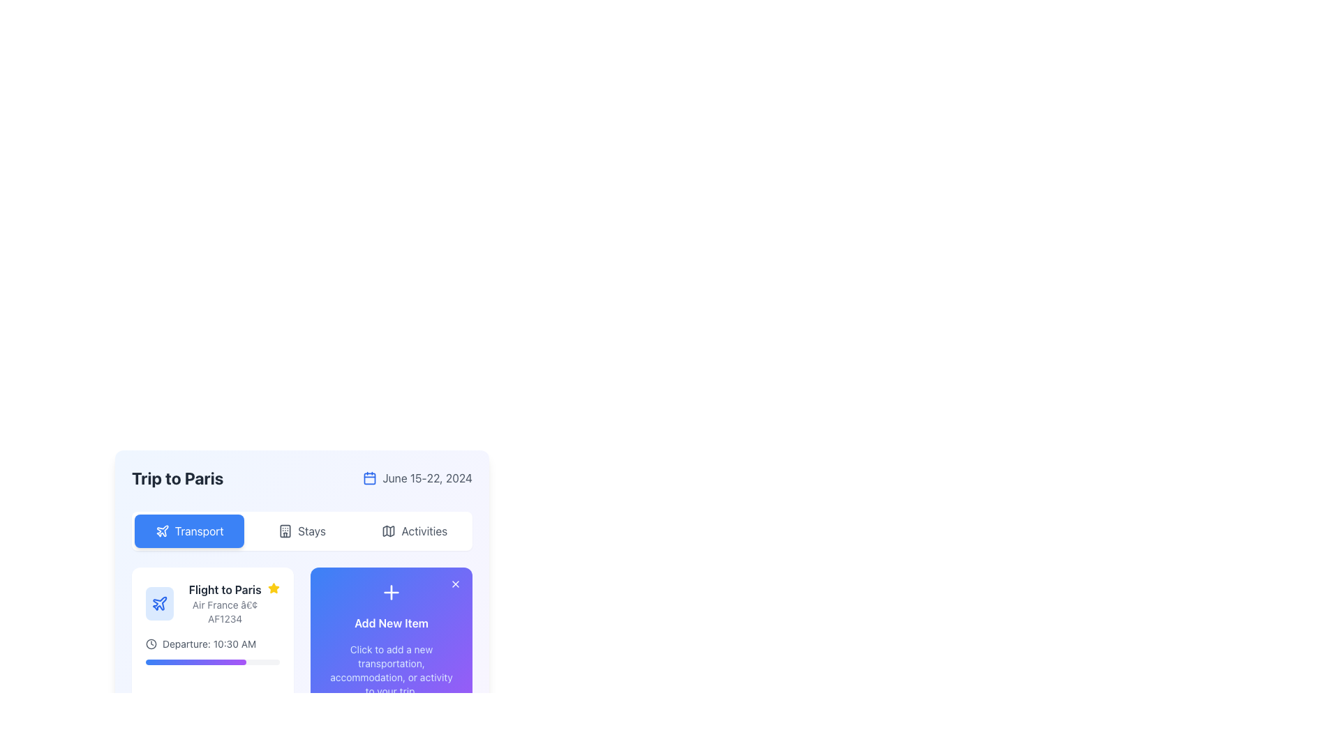 This screenshot has height=753, width=1340. I want to click on the 'Stays' navigation tab icon, which is the first visual component in the navigation section, so click(285, 531).